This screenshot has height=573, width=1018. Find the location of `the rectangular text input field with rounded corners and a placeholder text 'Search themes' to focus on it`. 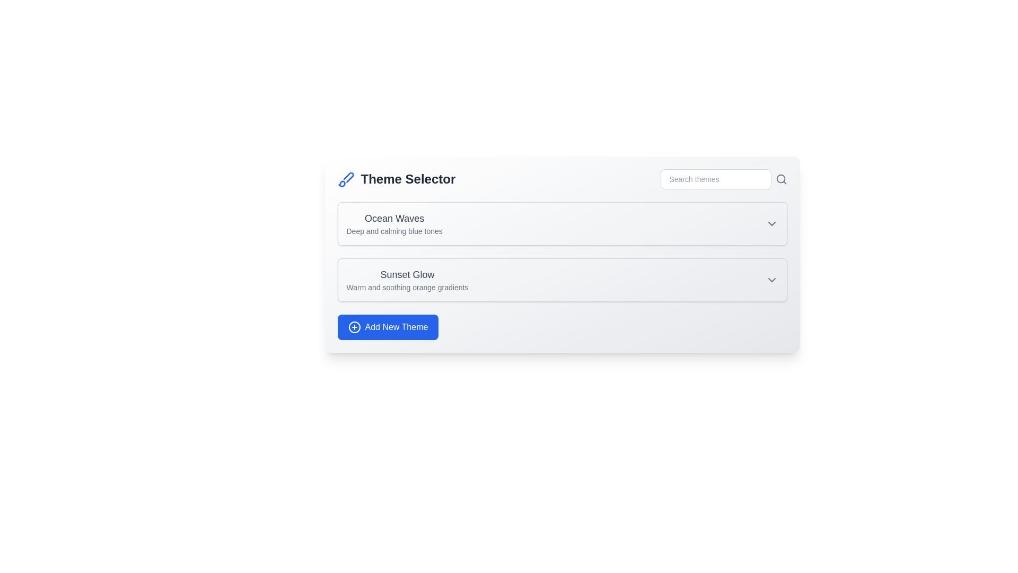

the rectangular text input field with rounded corners and a placeholder text 'Search themes' to focus on it is located at coordinates (715, 179).